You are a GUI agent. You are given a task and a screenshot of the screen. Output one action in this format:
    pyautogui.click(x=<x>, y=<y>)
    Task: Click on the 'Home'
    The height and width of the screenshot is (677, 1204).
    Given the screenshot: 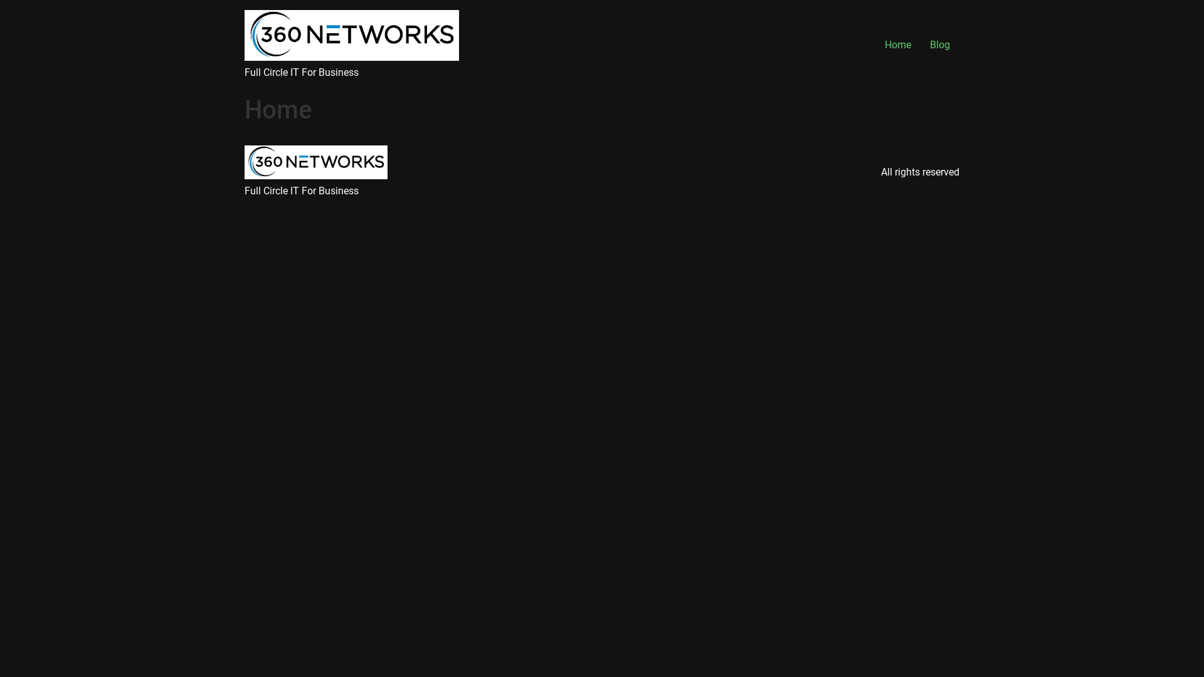 What is the action you would take?
    pyautogui.click(x=897, y=45)
    